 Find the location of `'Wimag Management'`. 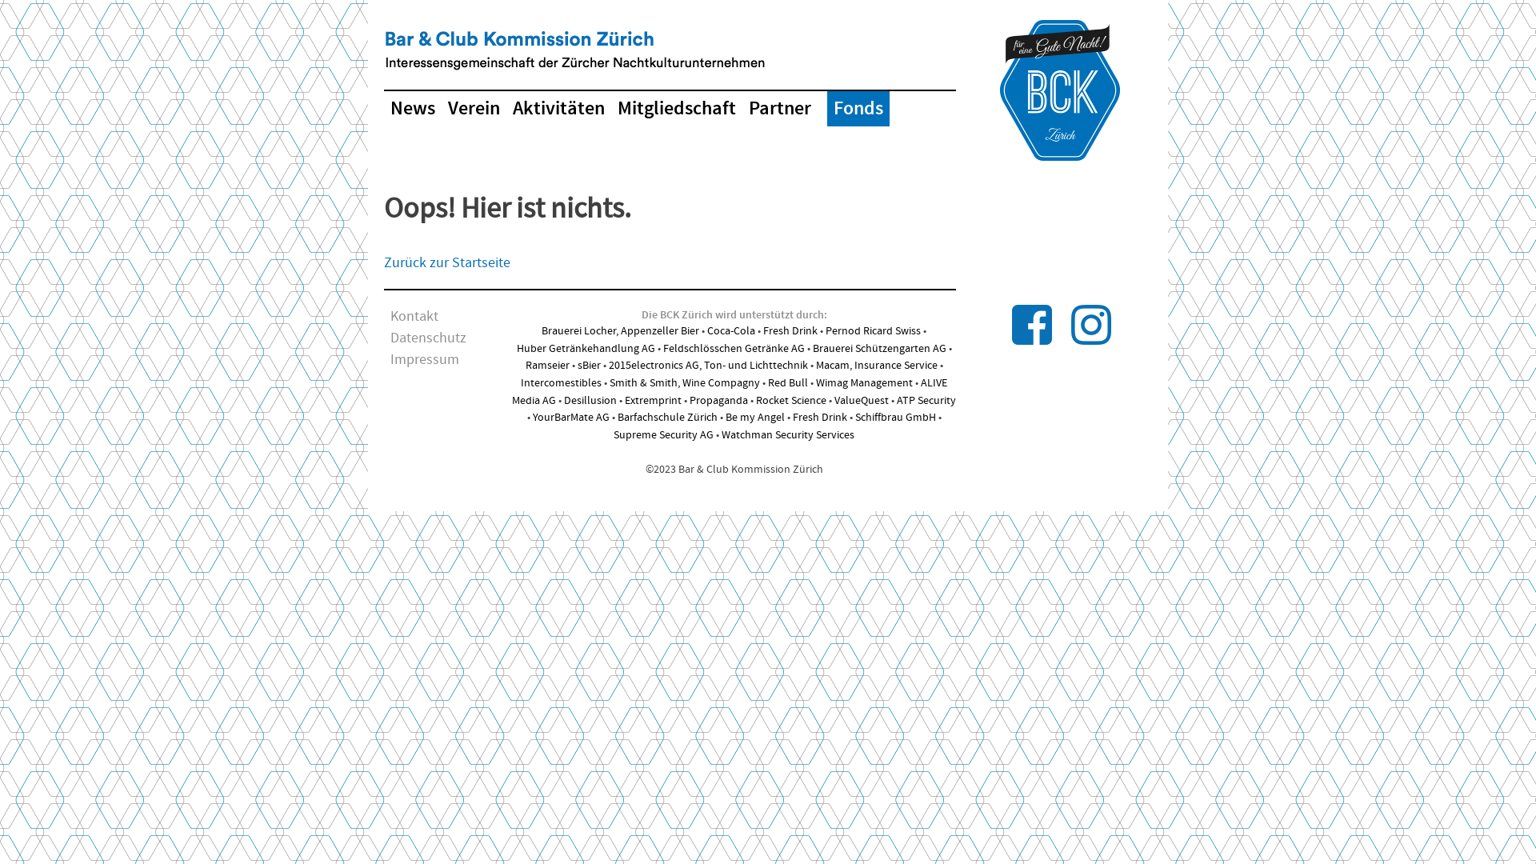

'Wimag Management' is located at coordinates (815, 382).